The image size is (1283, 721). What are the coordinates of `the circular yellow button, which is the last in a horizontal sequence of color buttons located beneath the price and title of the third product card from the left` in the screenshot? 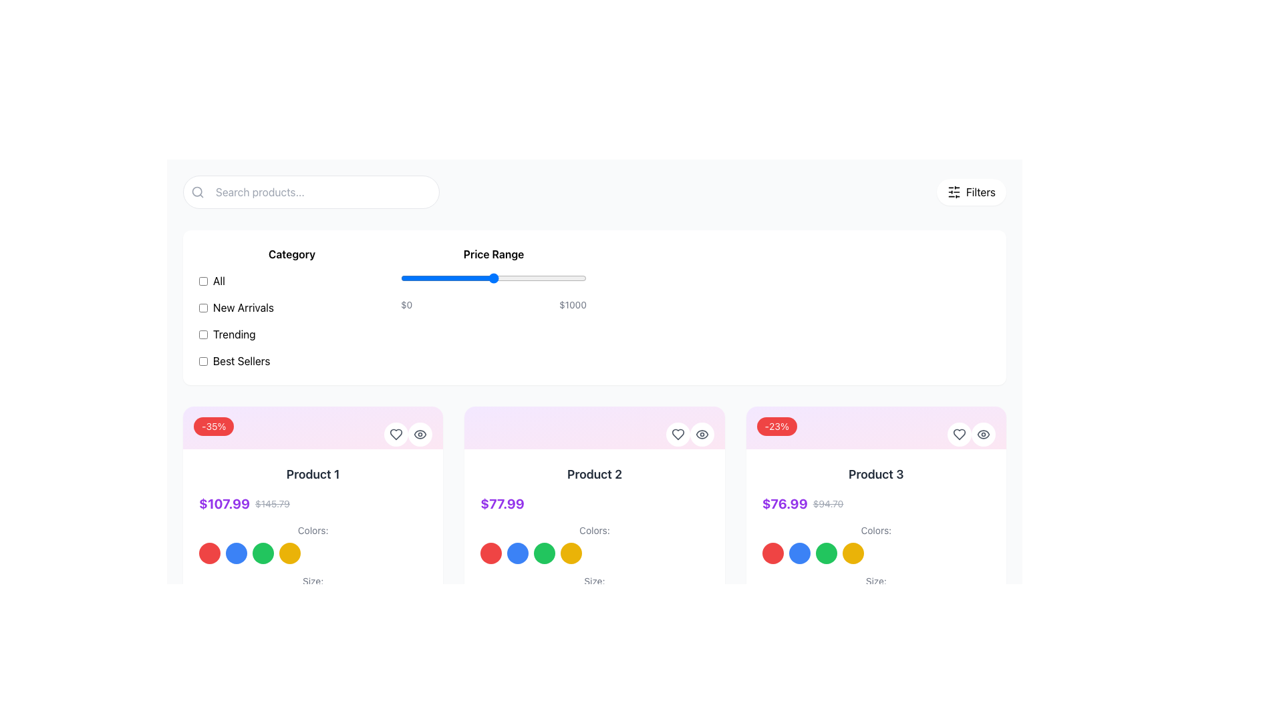 It's located at (852, 553).